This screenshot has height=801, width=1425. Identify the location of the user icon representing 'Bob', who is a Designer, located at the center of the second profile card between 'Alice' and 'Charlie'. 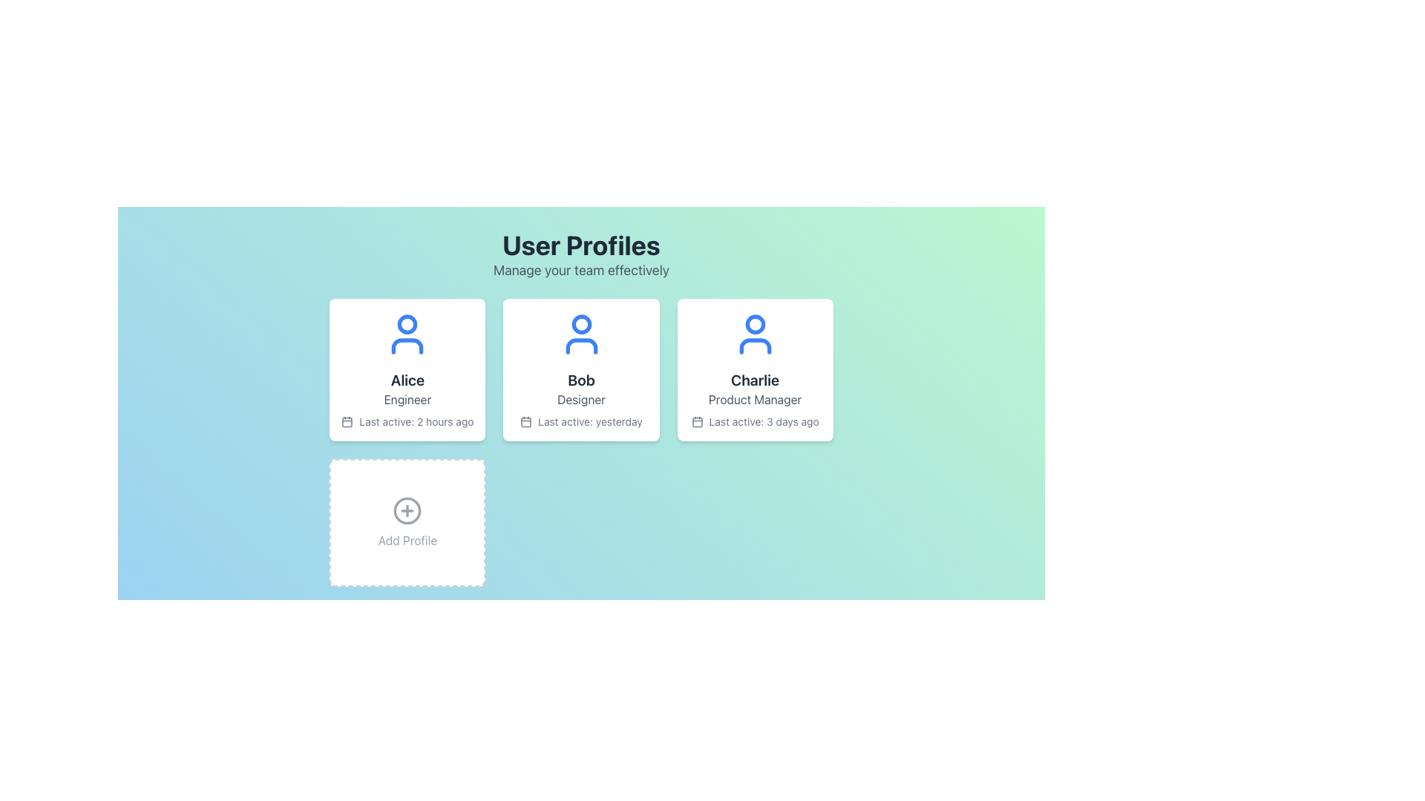
(580, 334).